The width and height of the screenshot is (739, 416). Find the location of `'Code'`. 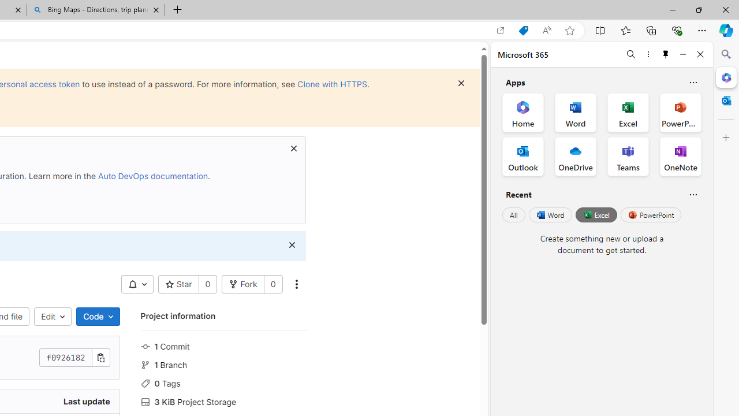

'Code' is located at coordinates (98, 316).